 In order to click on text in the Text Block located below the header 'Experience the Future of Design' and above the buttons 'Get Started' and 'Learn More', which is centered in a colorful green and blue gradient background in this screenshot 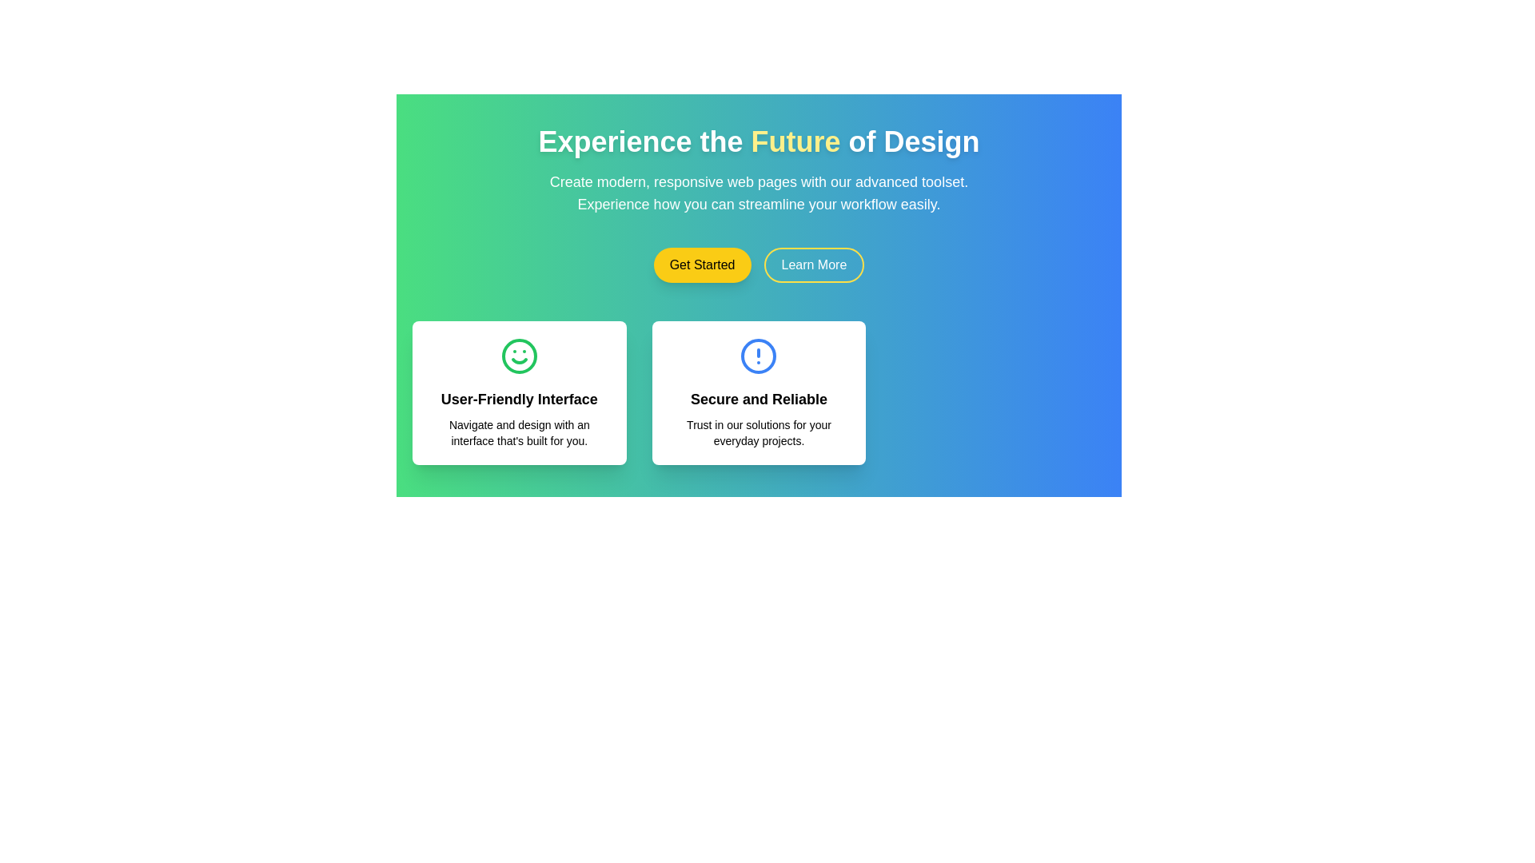, I will do `click(758, 193)`.